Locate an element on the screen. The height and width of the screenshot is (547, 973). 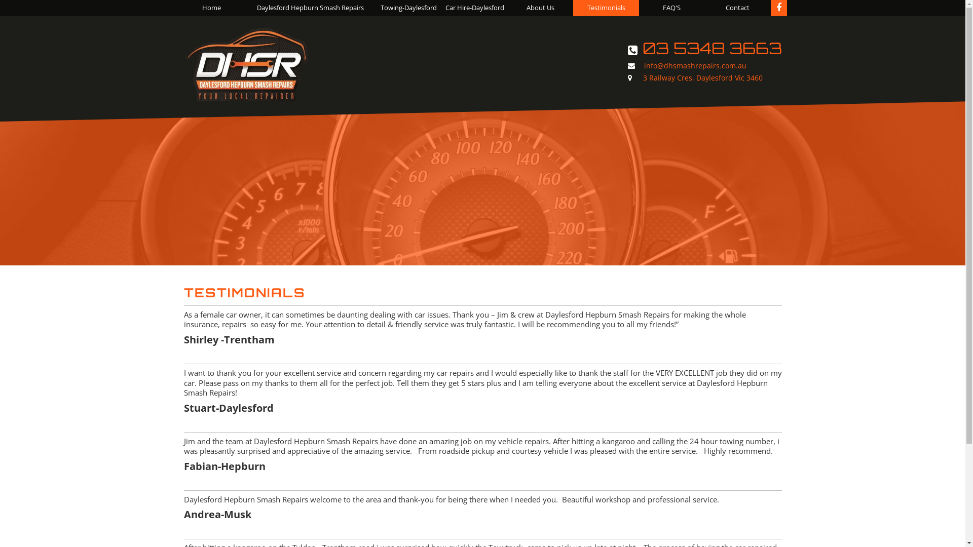
'Daylesford Hepburn Smash Repairs' is located at coordinates (309, 8).